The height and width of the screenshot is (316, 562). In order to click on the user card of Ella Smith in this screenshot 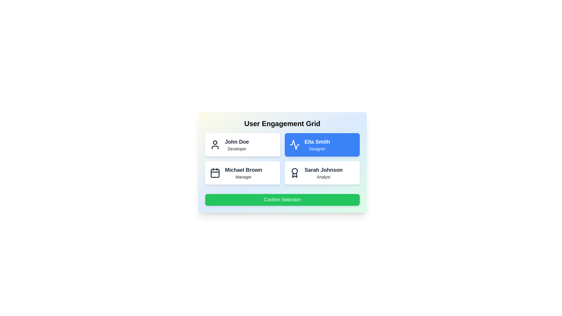, I will do `click(322, 145)`.